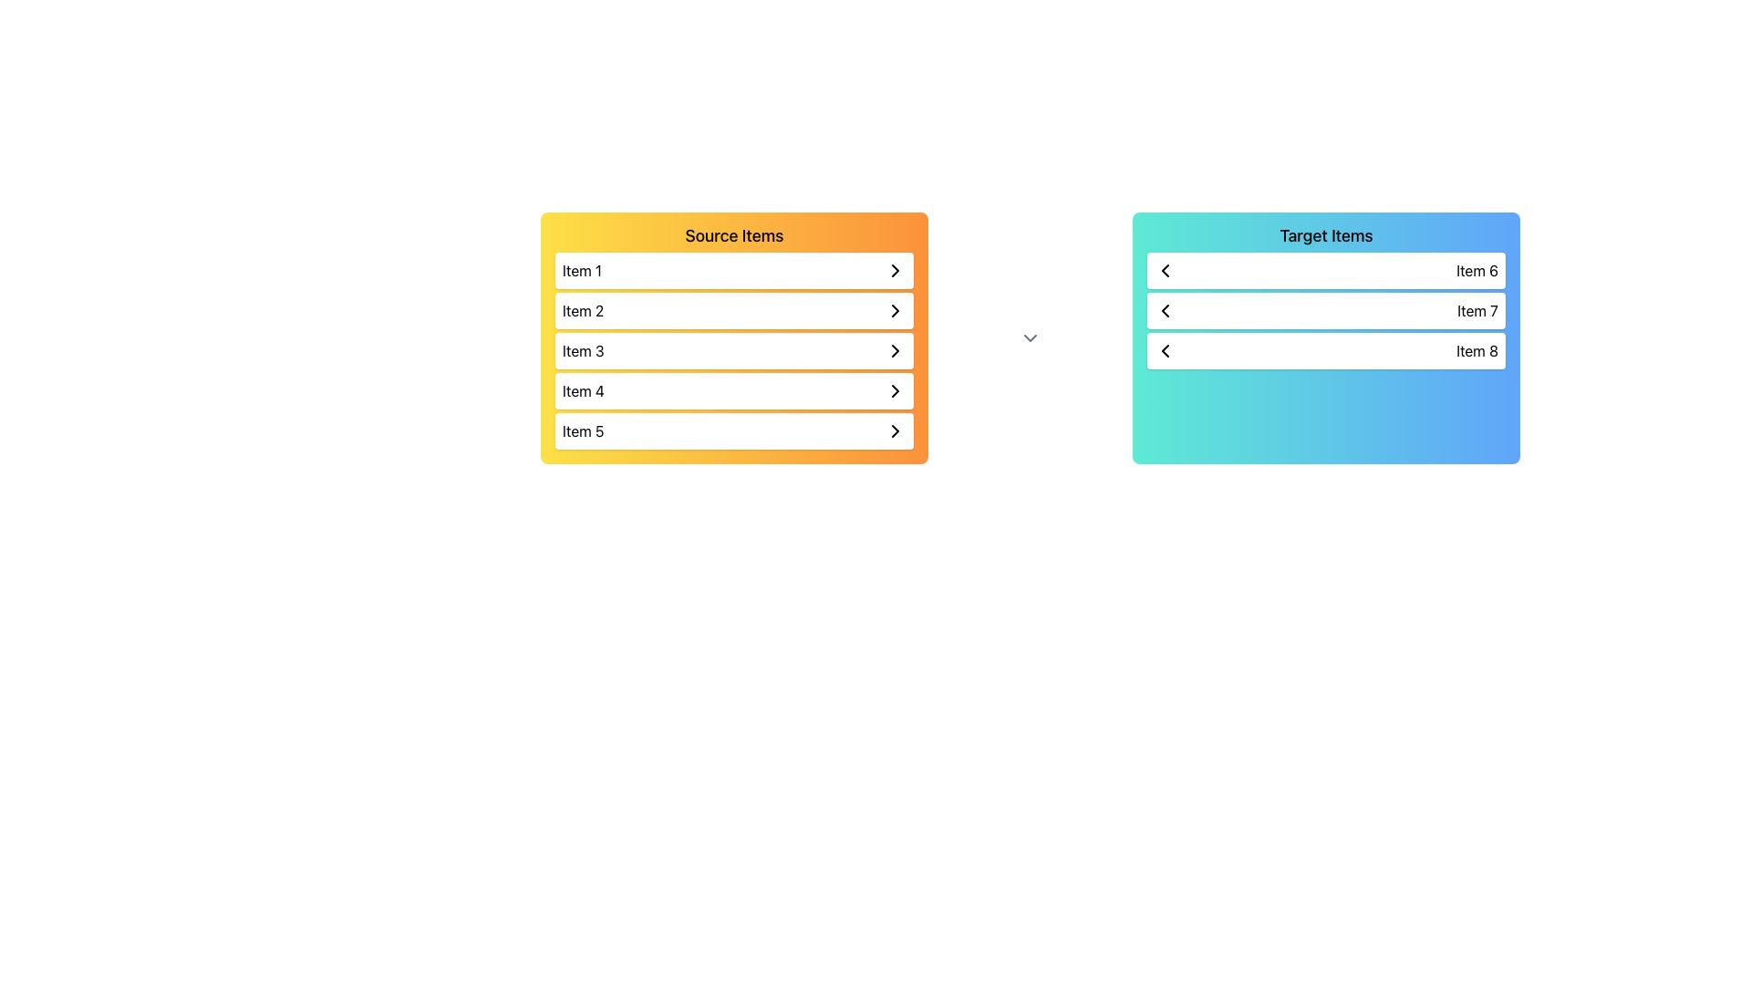 This screenshot has width=1751, height=985. What do you see at coordinates (1477, 309) in the screenshot?
I see `the 'Item 7' label in the 'Target Items' list for potential interaction` at bounding box center [1477, 309].